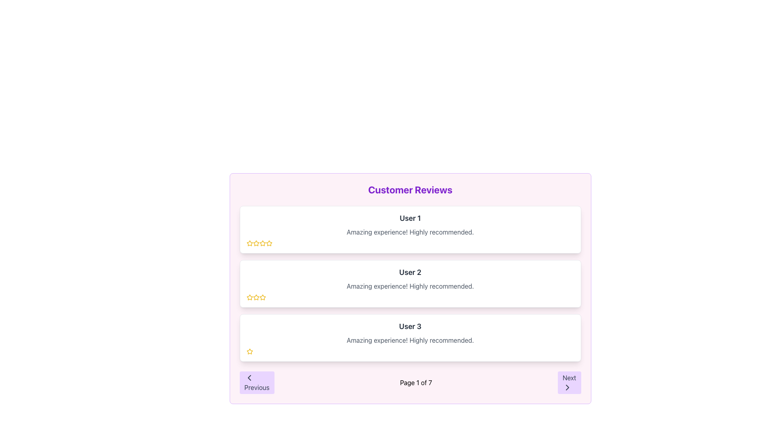  Describe the element at coordinates (410, 338) in the screenshot. I see `the card titled 'User 3' to focus on it, which is the third card in the 'Customer Reviews' section with a light white background and a bold title` at that location.